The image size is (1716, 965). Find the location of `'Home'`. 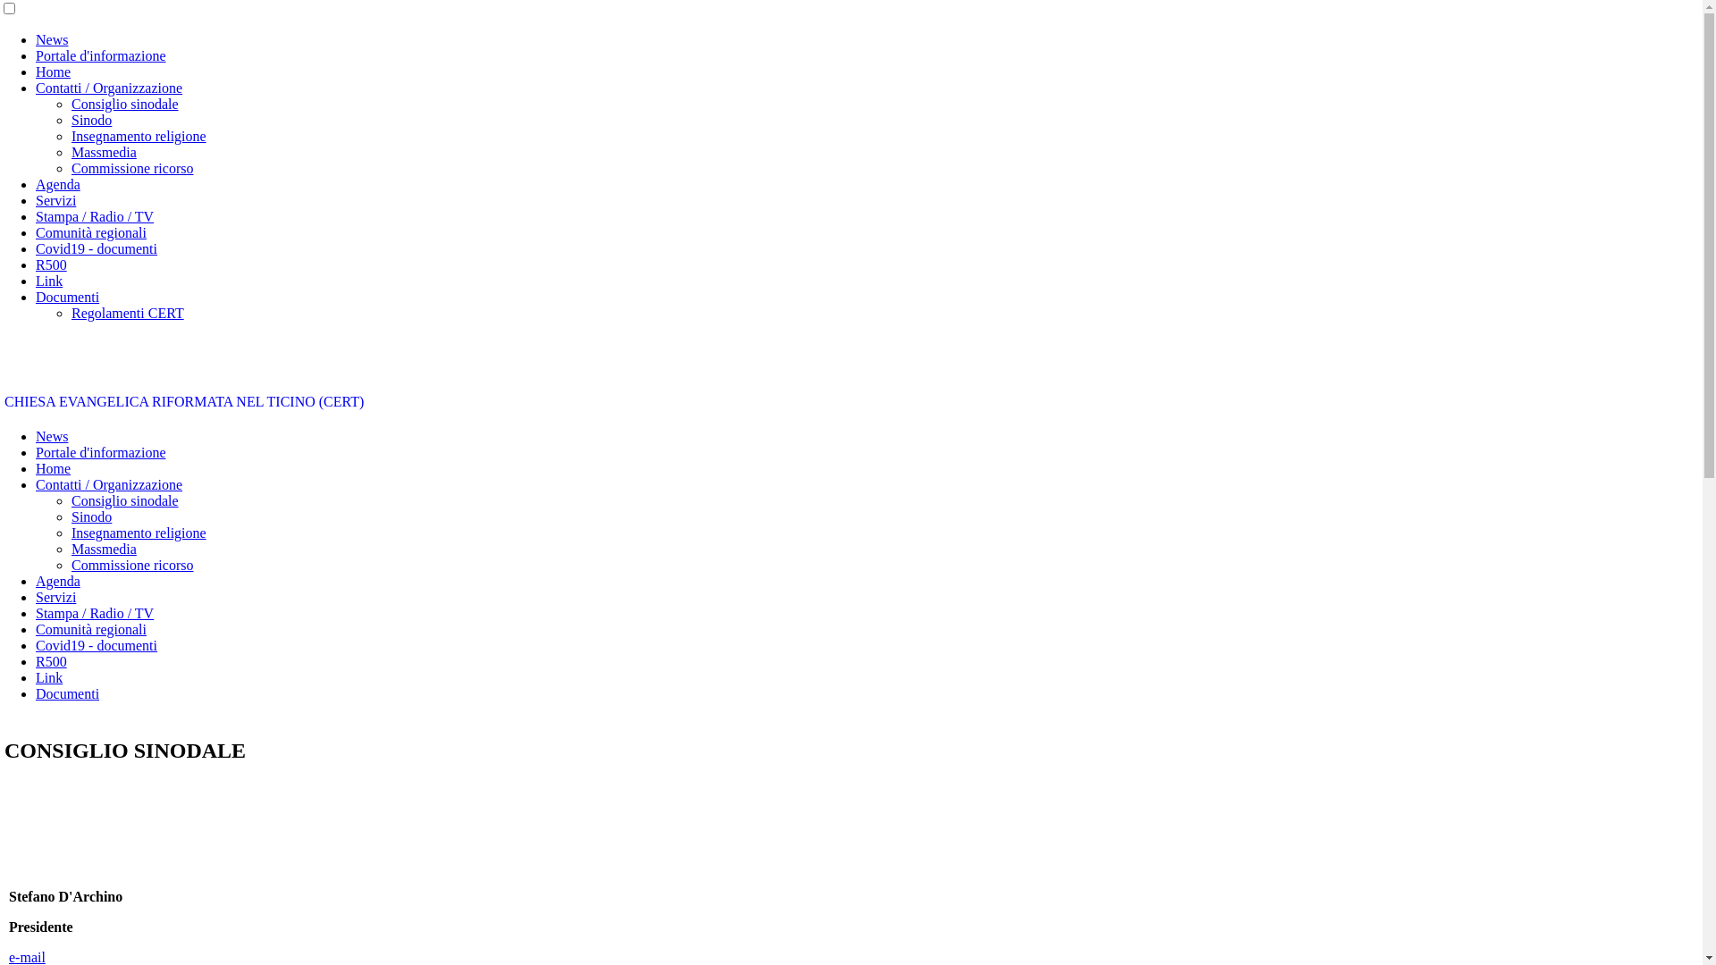

'Home' is located at coordinates (53, 467).